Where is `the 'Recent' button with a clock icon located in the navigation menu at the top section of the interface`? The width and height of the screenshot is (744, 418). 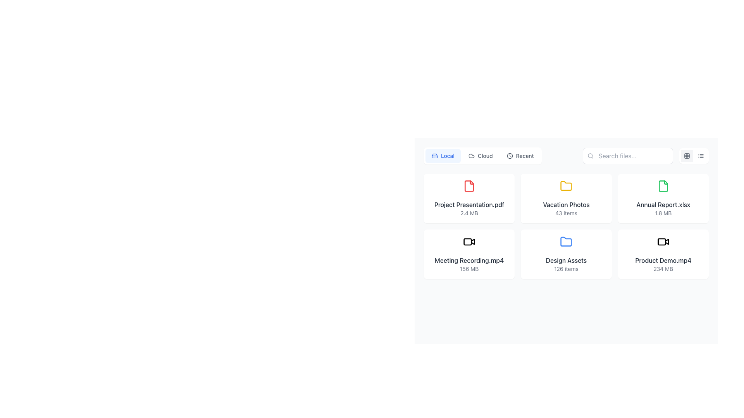 the 'Recent' button with a clock icon located in the navigation menu at the top section of the interface is located at coordinates (520, 156).